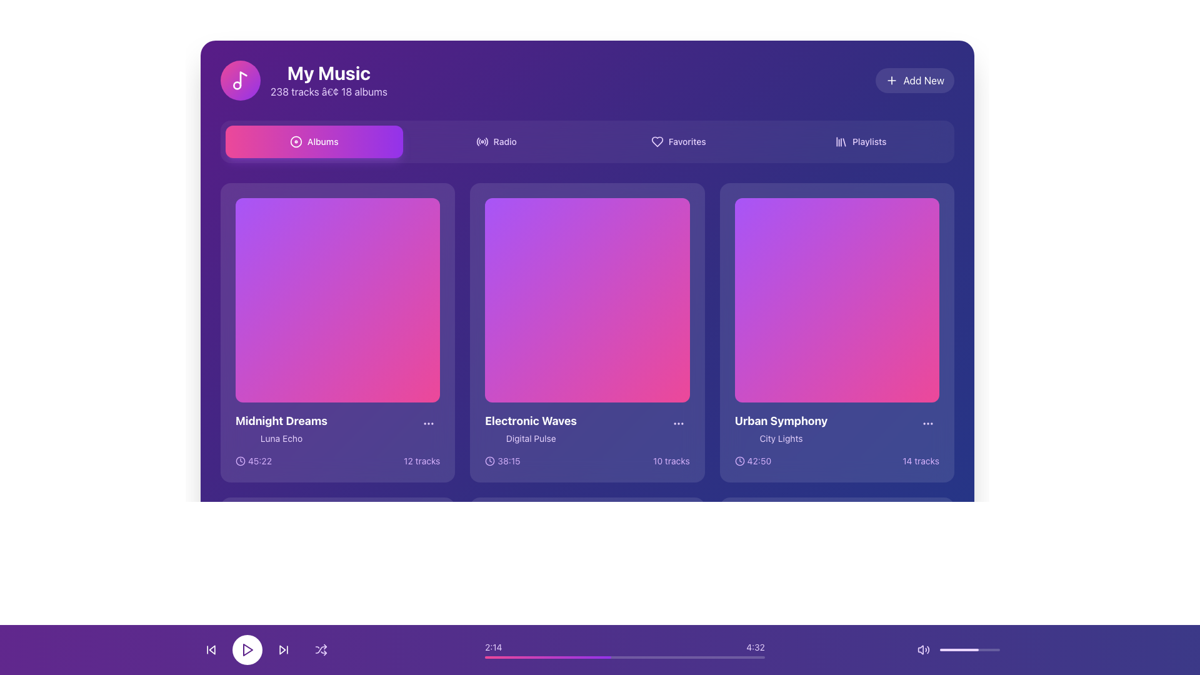  What do you see at coordinates (915, 80) in the screenshot?
I see `the rounded rectangular button labeled 'Add New' in the top-right corner of the interface to trigger the hover effect that brightens its background, indicating interactivity` at bounding box center [915, 80].